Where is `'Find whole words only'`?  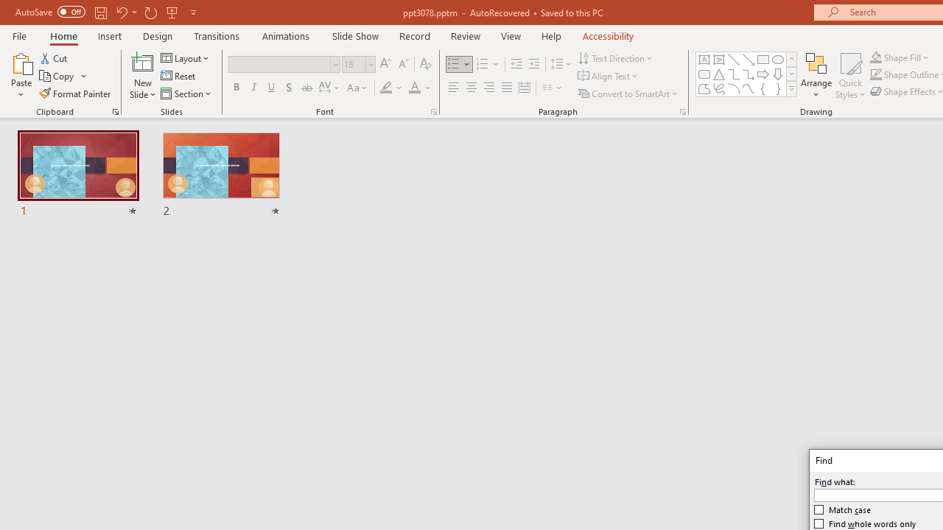 'Find whole words only' is located at coordinates (866, 523).